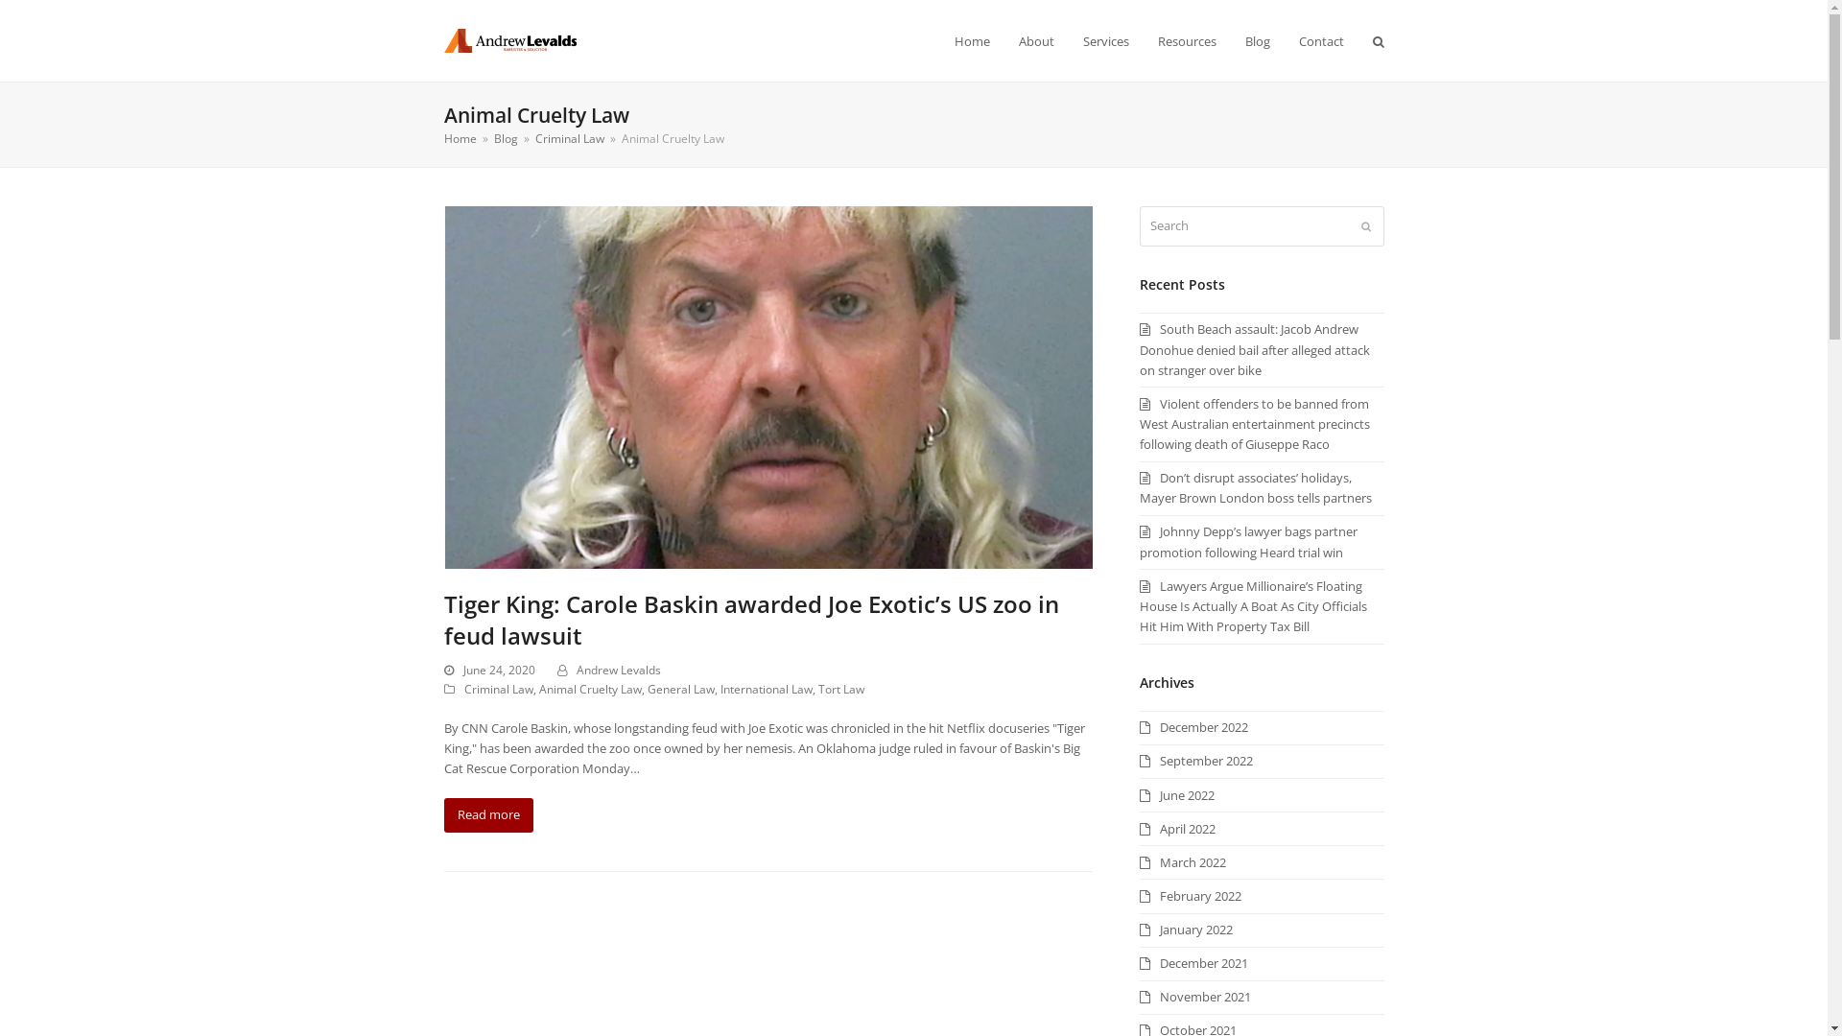 This screenshot has height=1036, width=1842. What do you see at coordinates (1193, 727) in the screenshot?
I see `'December 2022'` at bounding box center [1193, 727].